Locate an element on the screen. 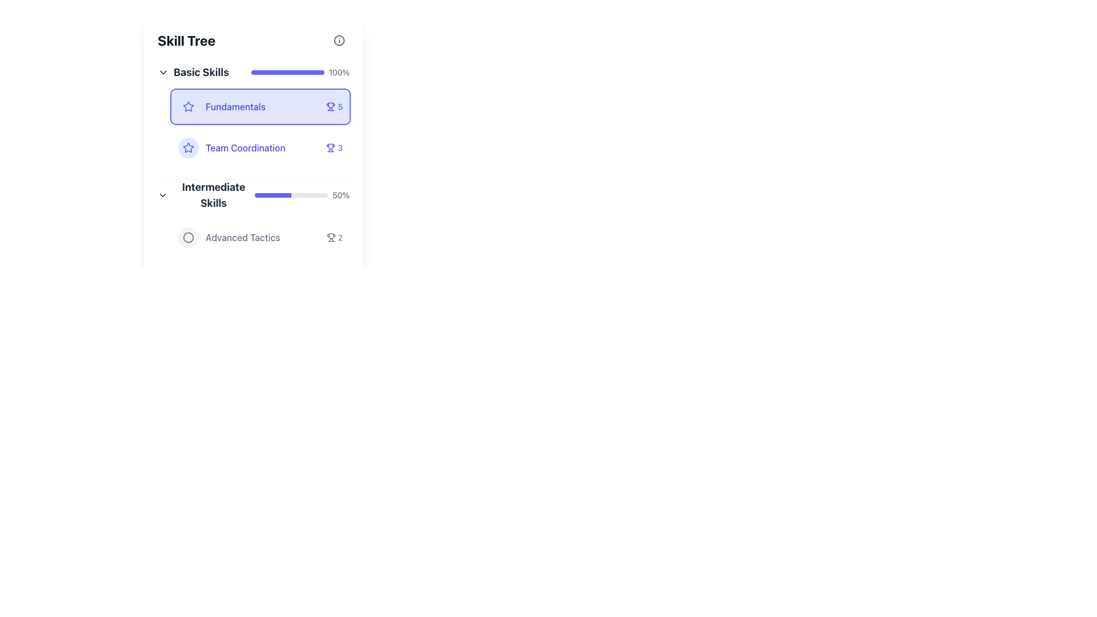 Image resolution: width=1097 pixels, height=617 pixels. the SVG circle graphical element that represents information, located at the top-right corner of the interface is located at coordinates (339, 39).